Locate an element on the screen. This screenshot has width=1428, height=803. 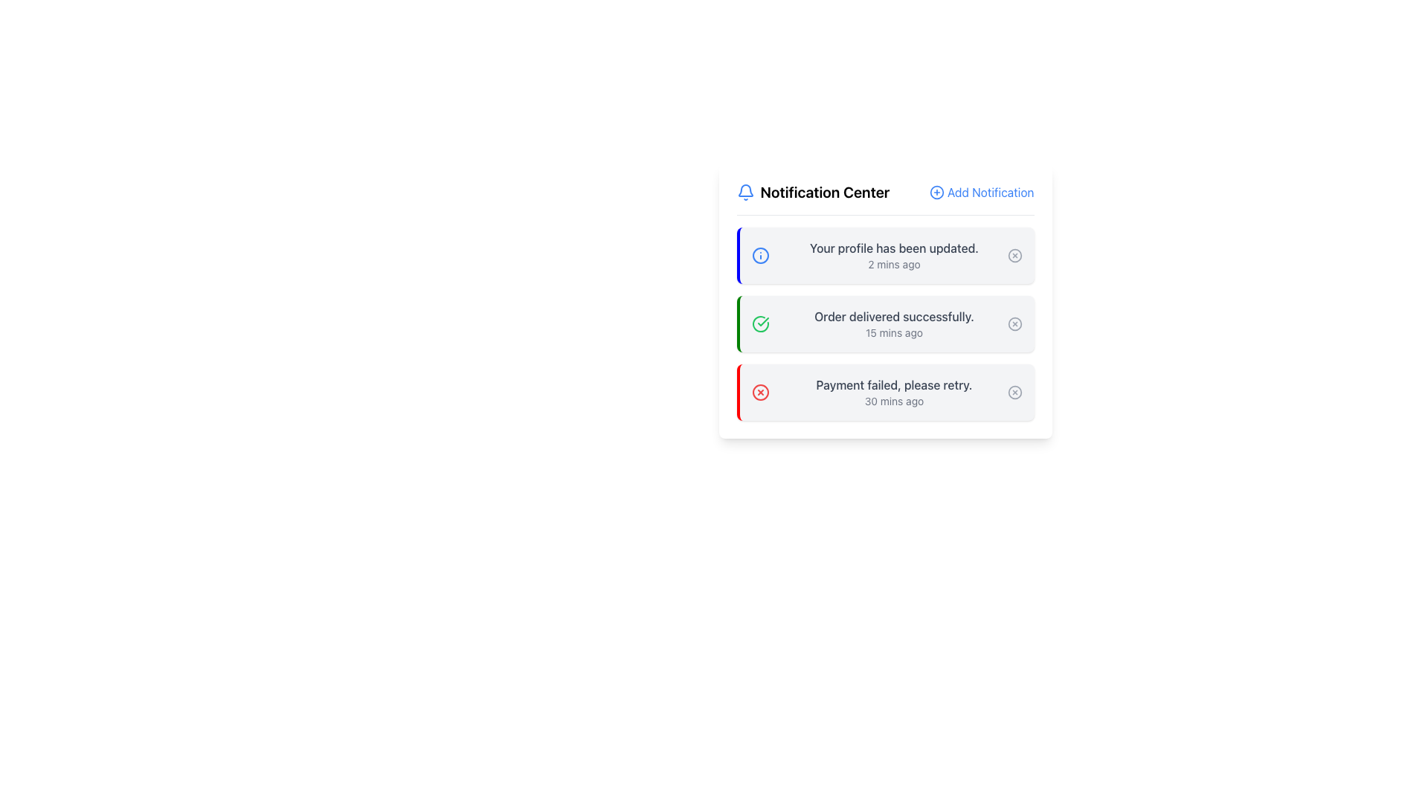
text label displaying the elapsed time since the notification was generated, located below 'Your profile has been updated.' in the first notification card of the 'Notification Center.' is located at coordinates (893, 263).